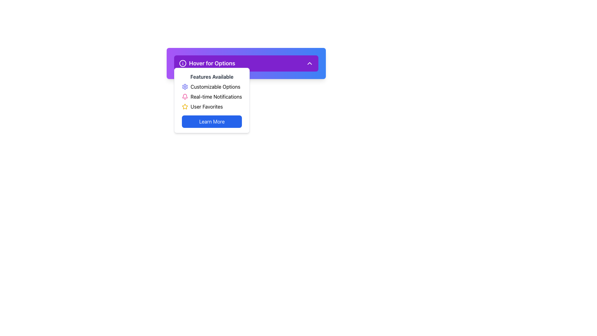 This screenshot has width=597, height=336. What do you see at coordinates (246, 63) in the screenshot?
I see `the Dropdown Button labeled 'Hover for Options' with a purple background` at bounding box center [246, 63].